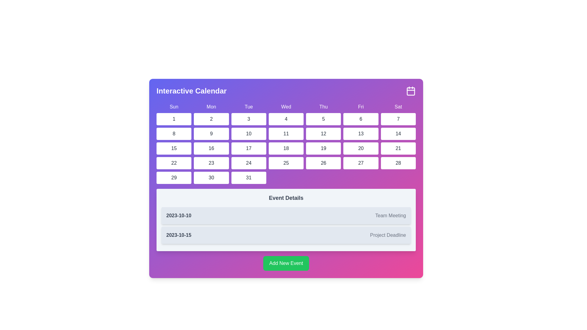 The width and height of the screenshot is (587, 330). Describe the element at coordinates (398, 163) in the screenshot. I see `the interactive calendar date cell displaying the number '28'` at that location.